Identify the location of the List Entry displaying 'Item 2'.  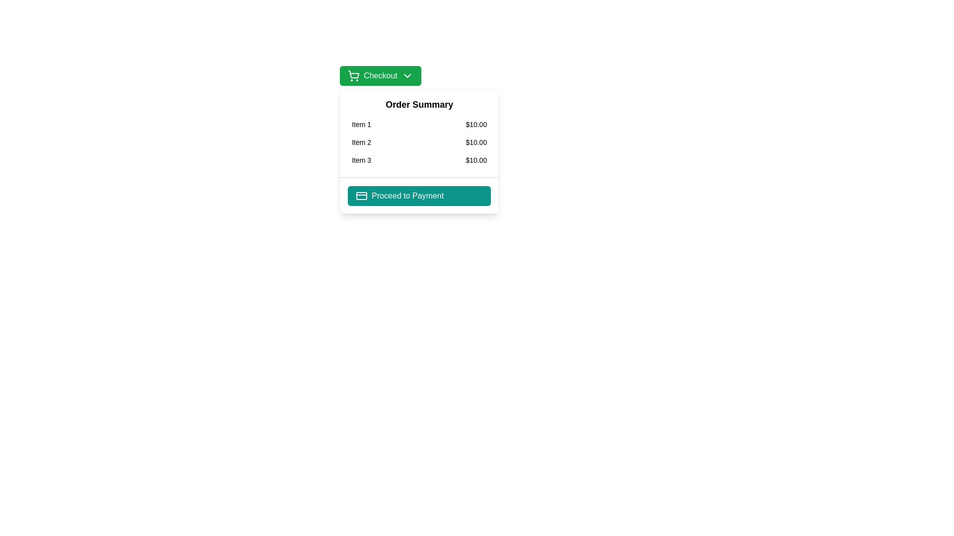
(419, 142).